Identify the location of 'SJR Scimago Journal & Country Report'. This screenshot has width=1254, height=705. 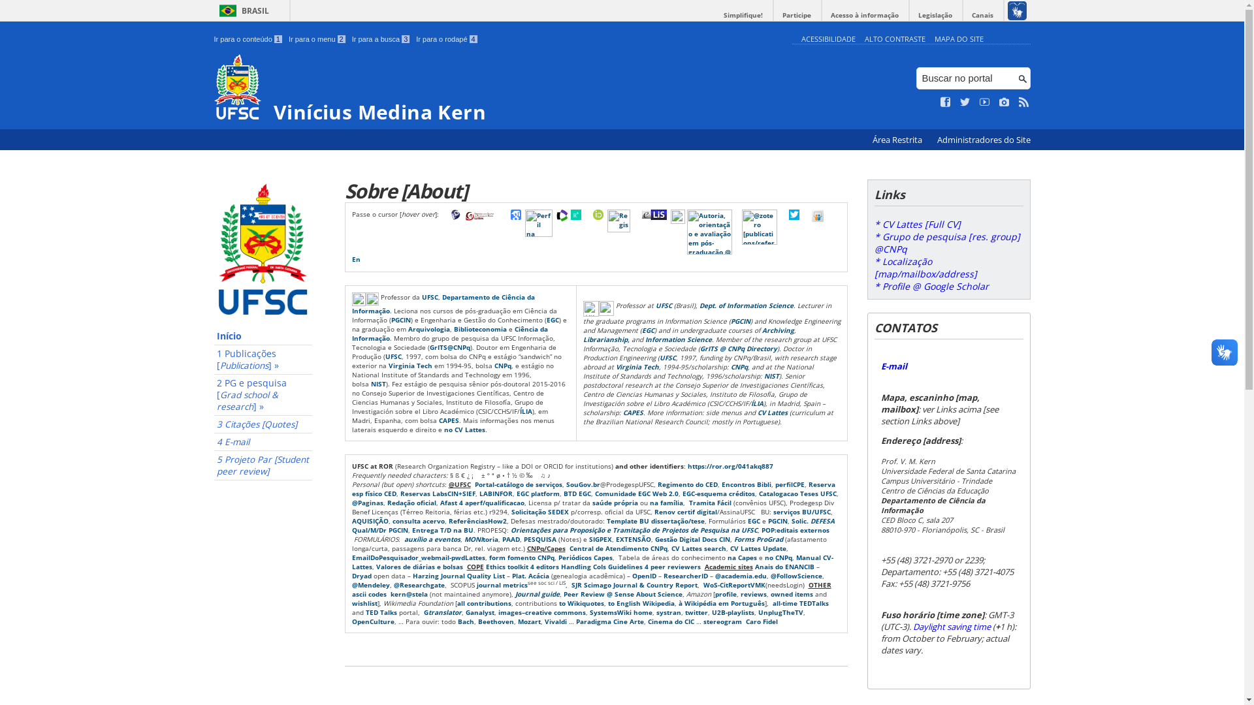
(634, 584).